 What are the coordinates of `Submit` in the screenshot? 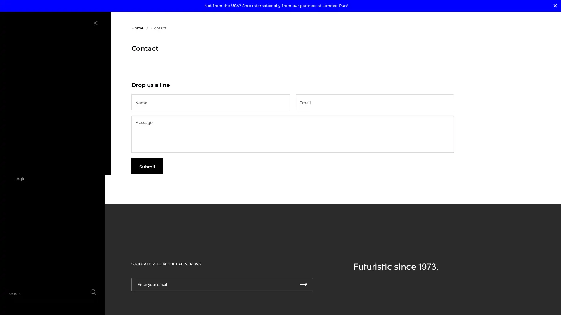 It's located at (147, 166).